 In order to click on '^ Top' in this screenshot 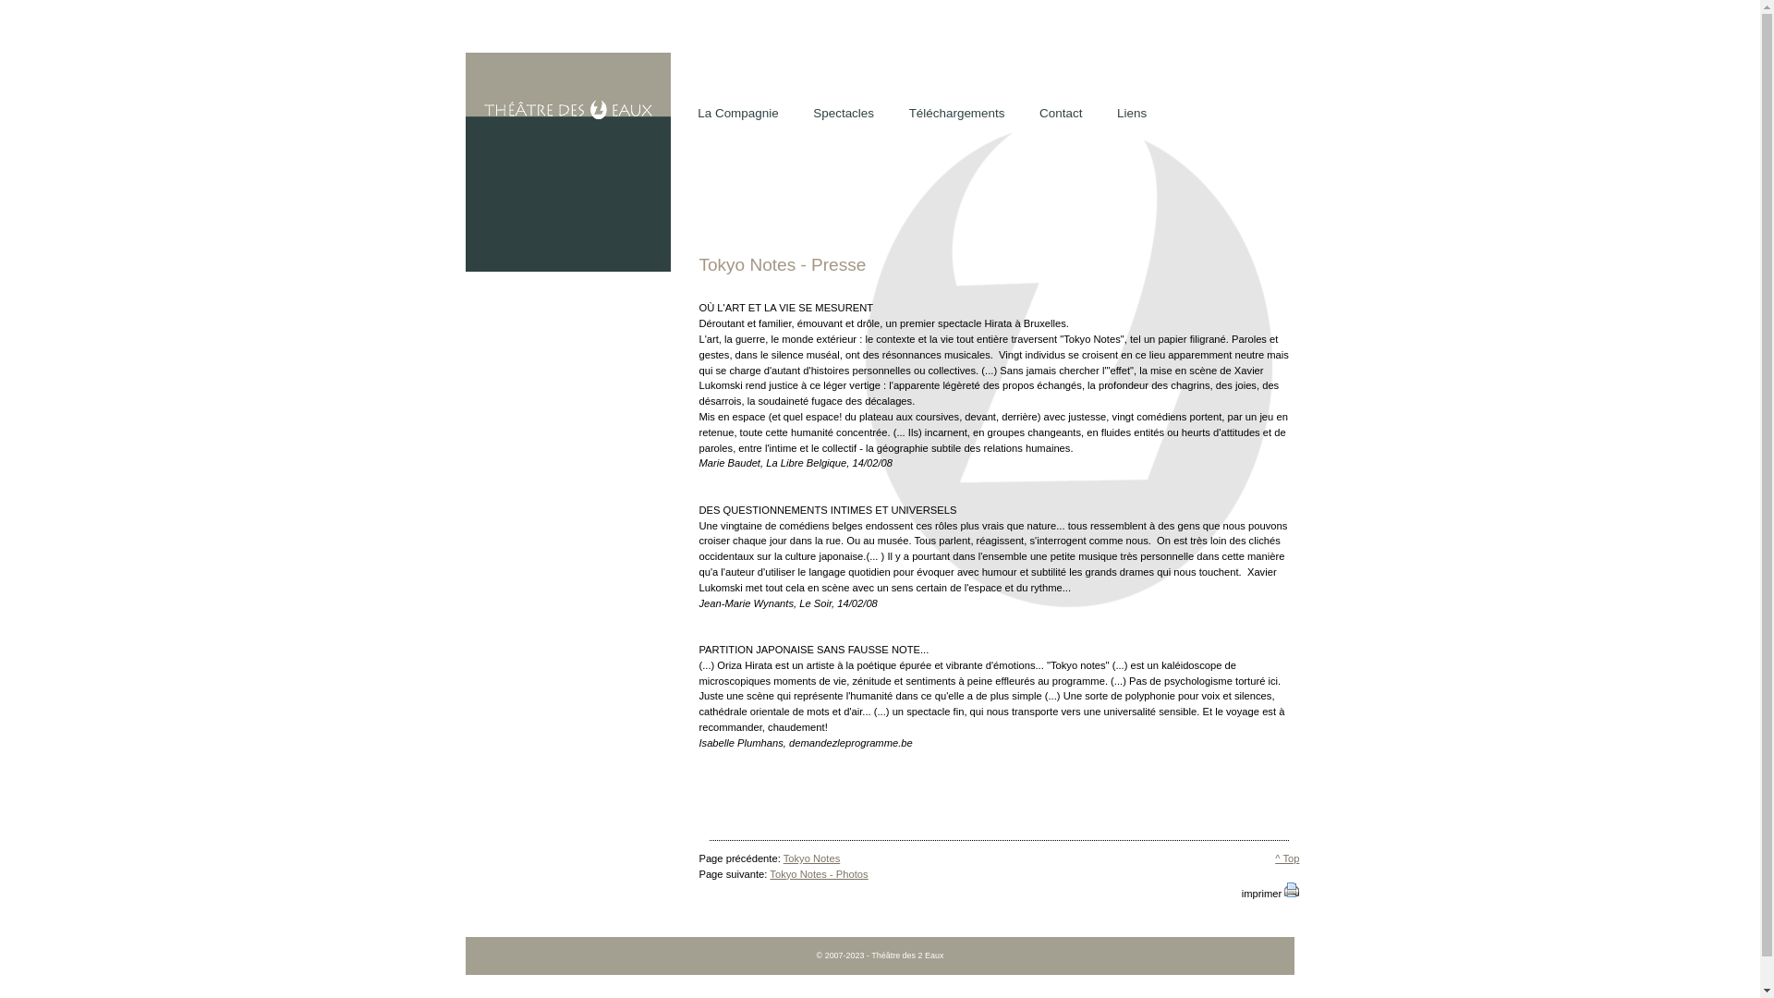, I will do `click(1274, 858)`.